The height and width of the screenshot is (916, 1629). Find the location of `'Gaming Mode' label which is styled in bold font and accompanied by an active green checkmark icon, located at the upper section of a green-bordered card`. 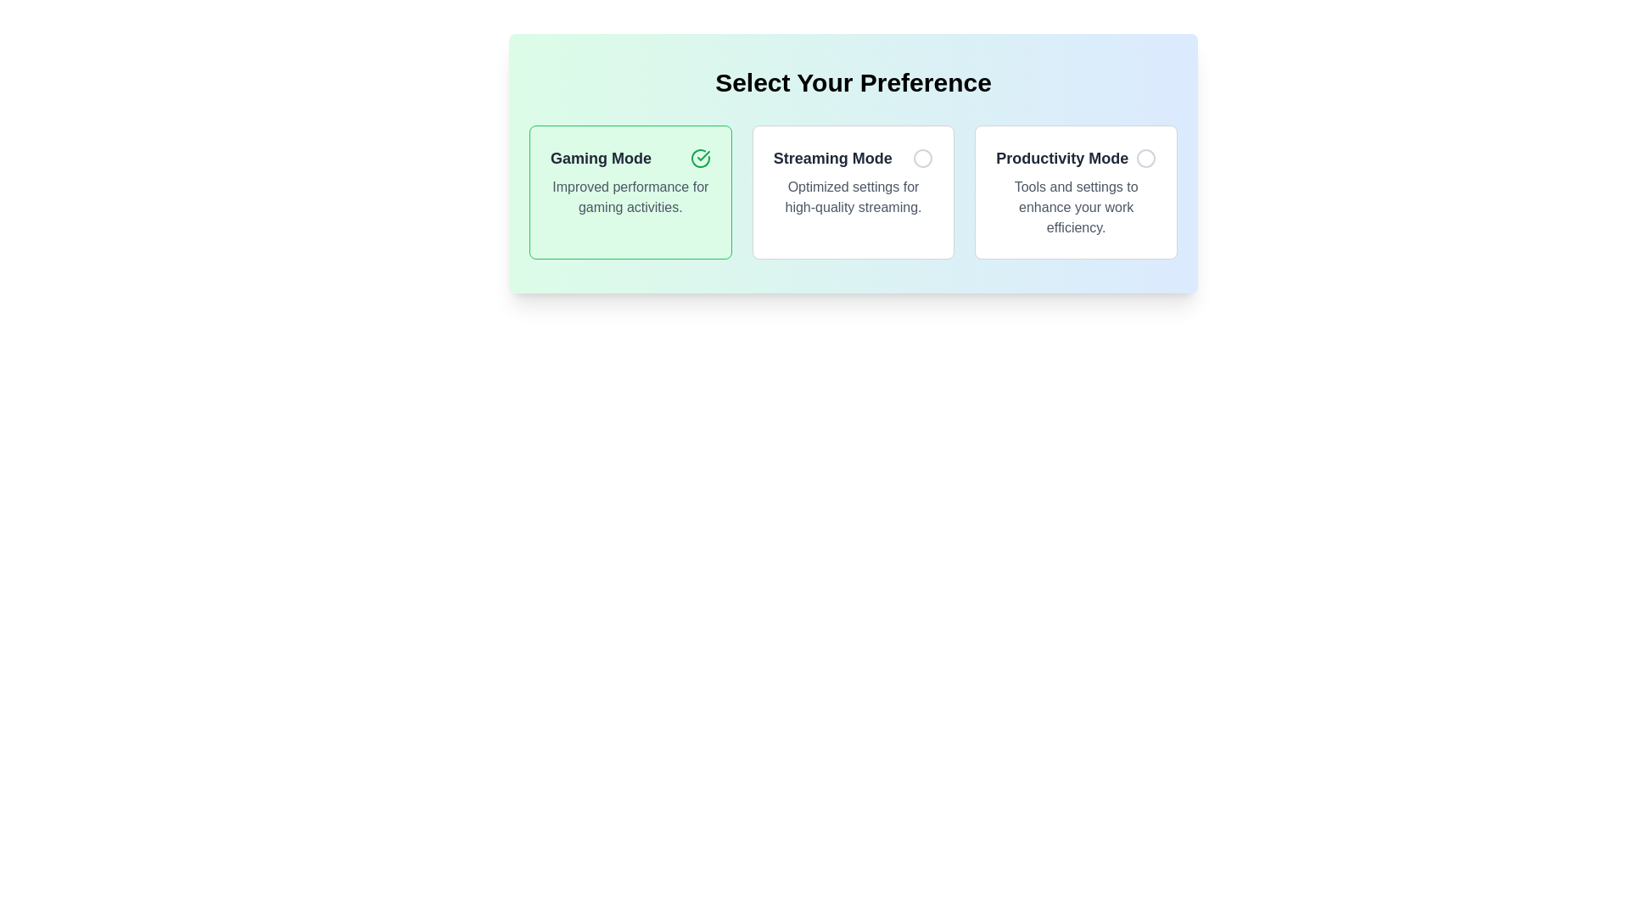

'Gaming Mode' label which is styled in bold font and accompanied by an active green checkmark icon, located at the upper section of a green-bordered card is located at coordinates (630, 158).